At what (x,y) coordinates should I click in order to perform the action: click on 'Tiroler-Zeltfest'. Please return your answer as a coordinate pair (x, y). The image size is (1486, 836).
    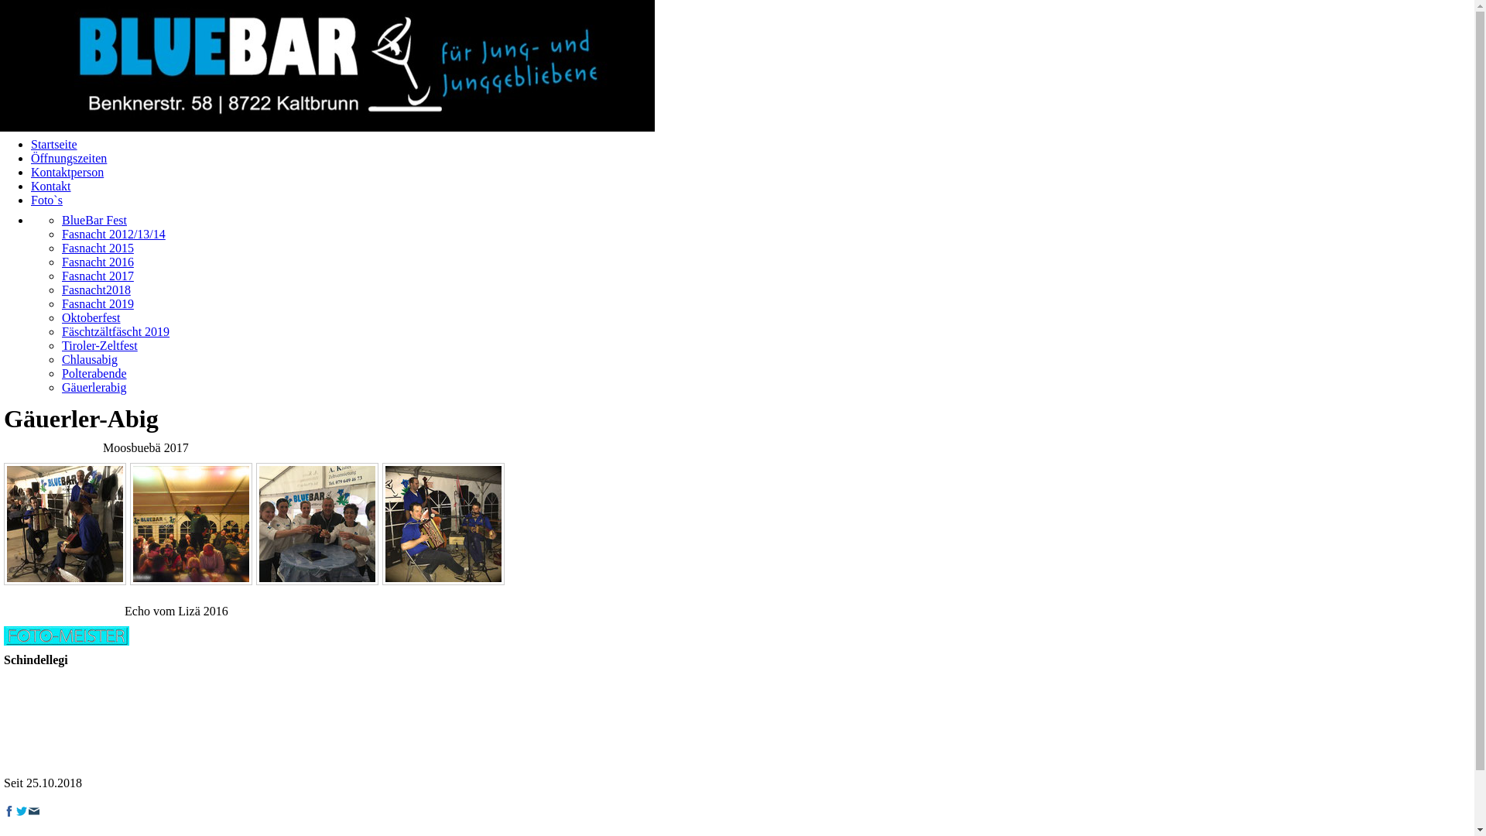
    Looking at the image, I should click on (99, 344).